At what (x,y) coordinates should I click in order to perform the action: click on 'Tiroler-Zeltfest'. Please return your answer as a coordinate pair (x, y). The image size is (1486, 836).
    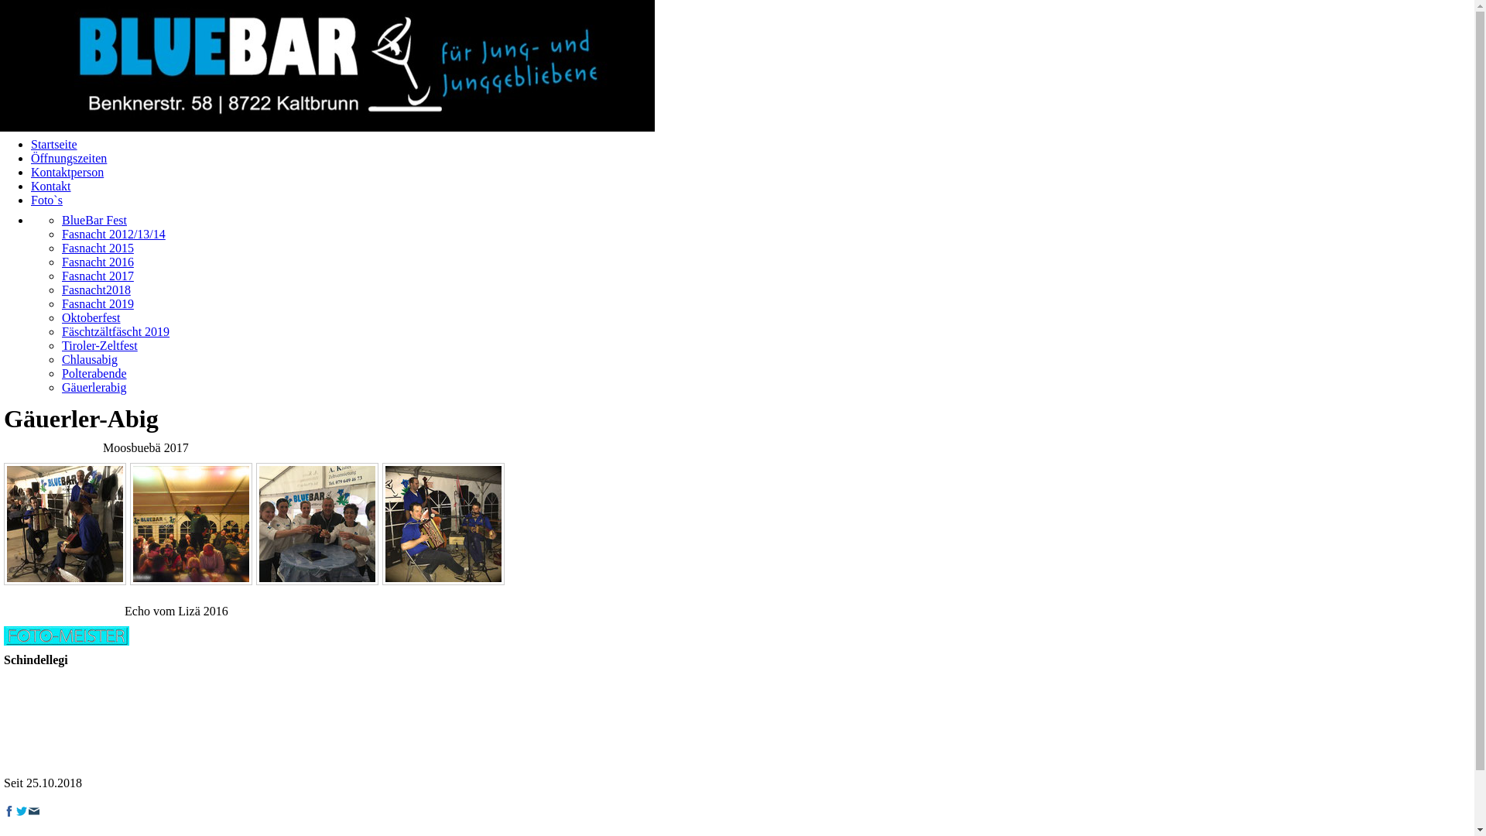
    Looking at the image, I should click on (99, 344).